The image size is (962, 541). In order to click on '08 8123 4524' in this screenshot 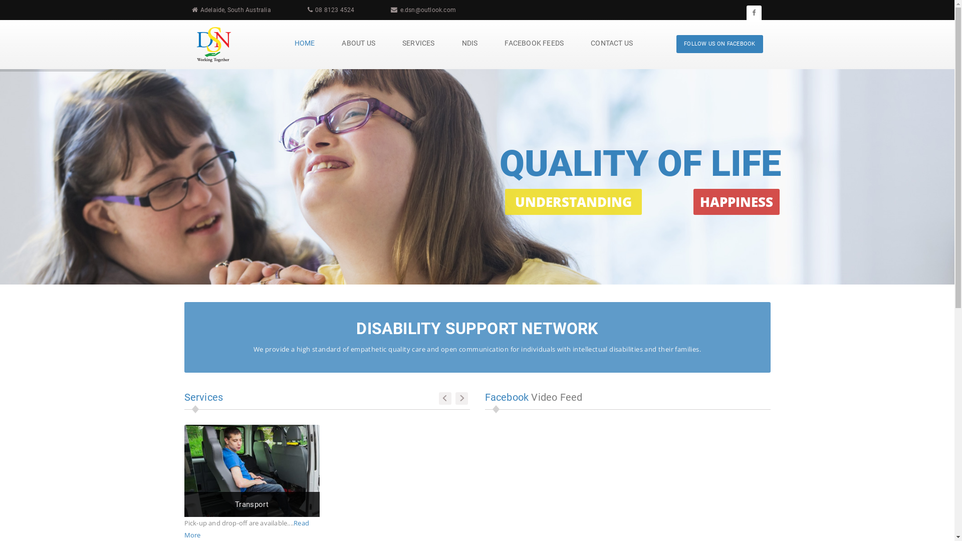, I will do `click(334, 10)`.